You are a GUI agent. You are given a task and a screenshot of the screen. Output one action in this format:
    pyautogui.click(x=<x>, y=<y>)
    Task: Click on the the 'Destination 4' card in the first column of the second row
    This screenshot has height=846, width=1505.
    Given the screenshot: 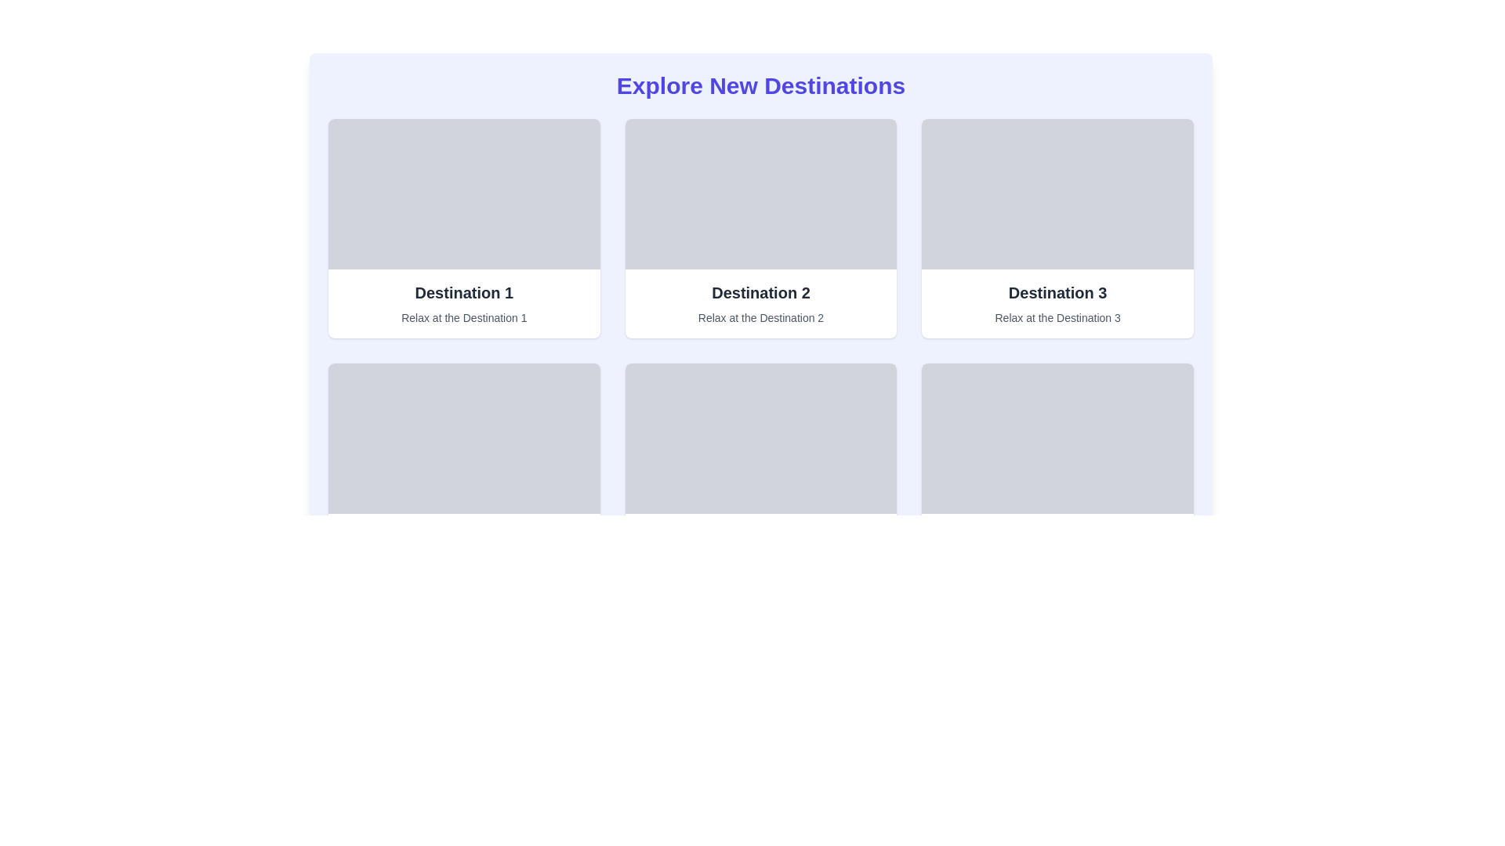 What is the action you would take?
    pyautogui.click(x=463, y=472)
    